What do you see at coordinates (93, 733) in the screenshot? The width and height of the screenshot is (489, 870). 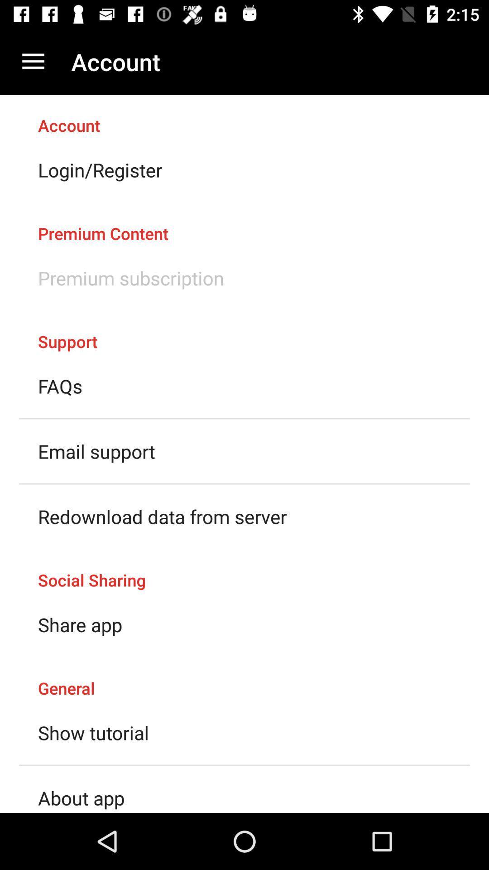 I see `show tutorial icon` at bounding box center [93, 733].